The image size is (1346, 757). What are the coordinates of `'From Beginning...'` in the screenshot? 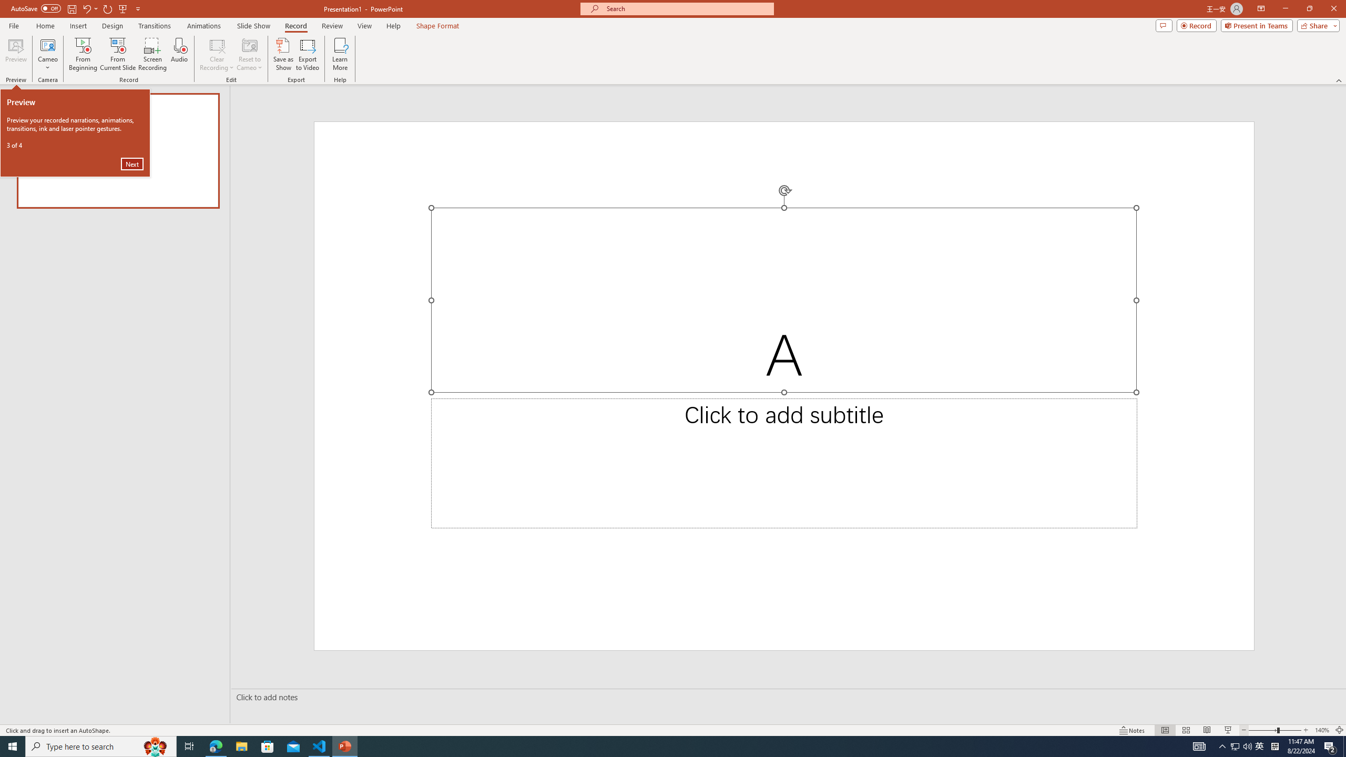 It's located at (82, 54).